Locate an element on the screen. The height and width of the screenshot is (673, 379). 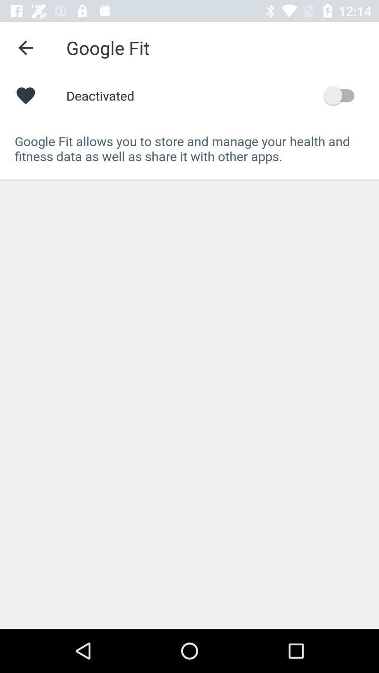
go back is located at coordinates (25, 47).